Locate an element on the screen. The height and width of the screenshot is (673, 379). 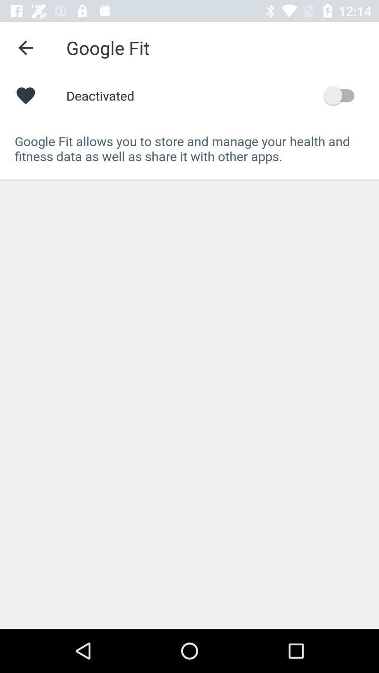
go back is located at coordinates (25, 47).